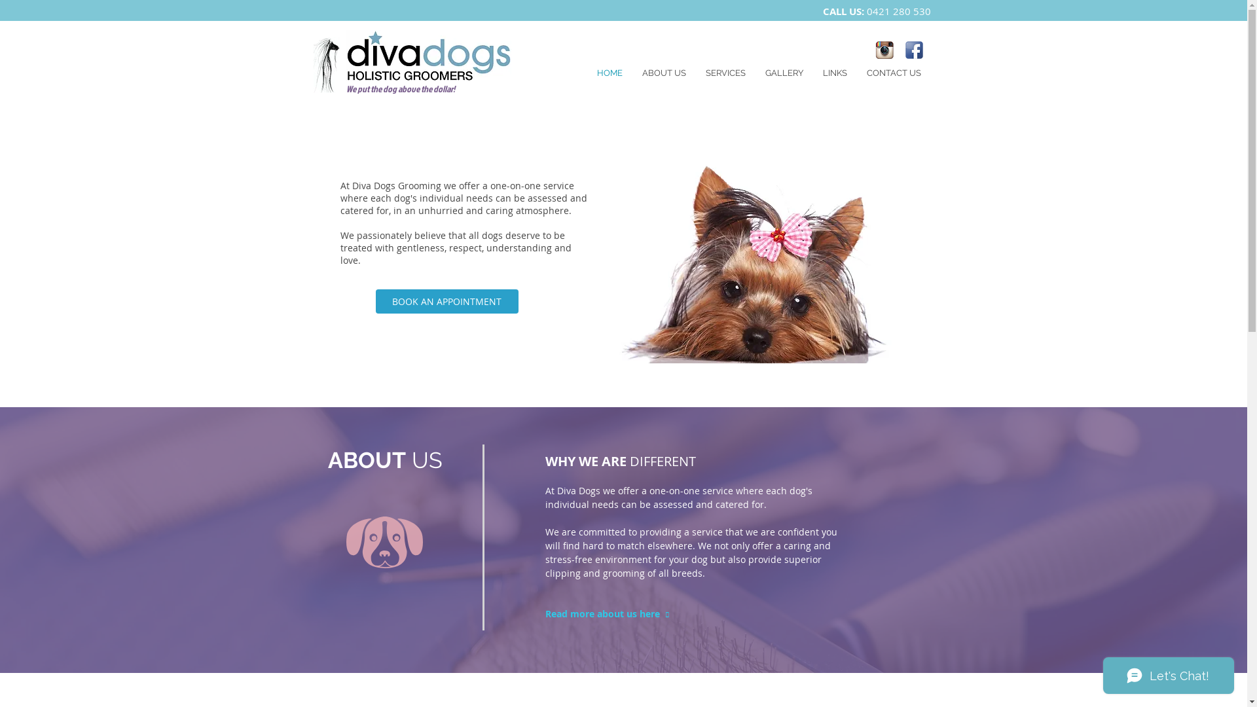 This screenshot has width=1257, height=707. Describe the element at coordinates (608, 73) in the screenshot. I see `'HOME'` at that location.